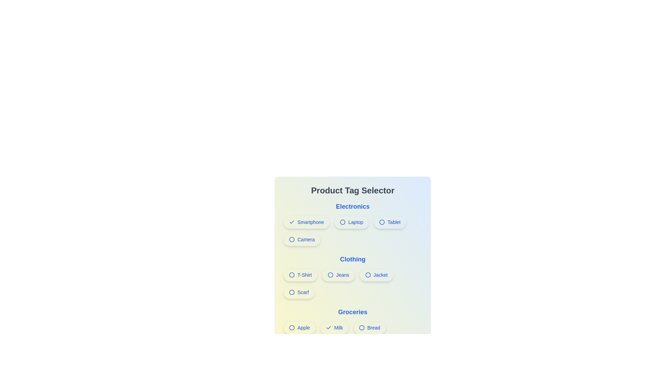 The width and height of the screenshot is (668, 375). What do you see at coordinates (352, 231) in the screenshot?
I see `the tag button in the 'Product Tag Selector' under the 'Electronics' section` at bounding box center [352, 231].